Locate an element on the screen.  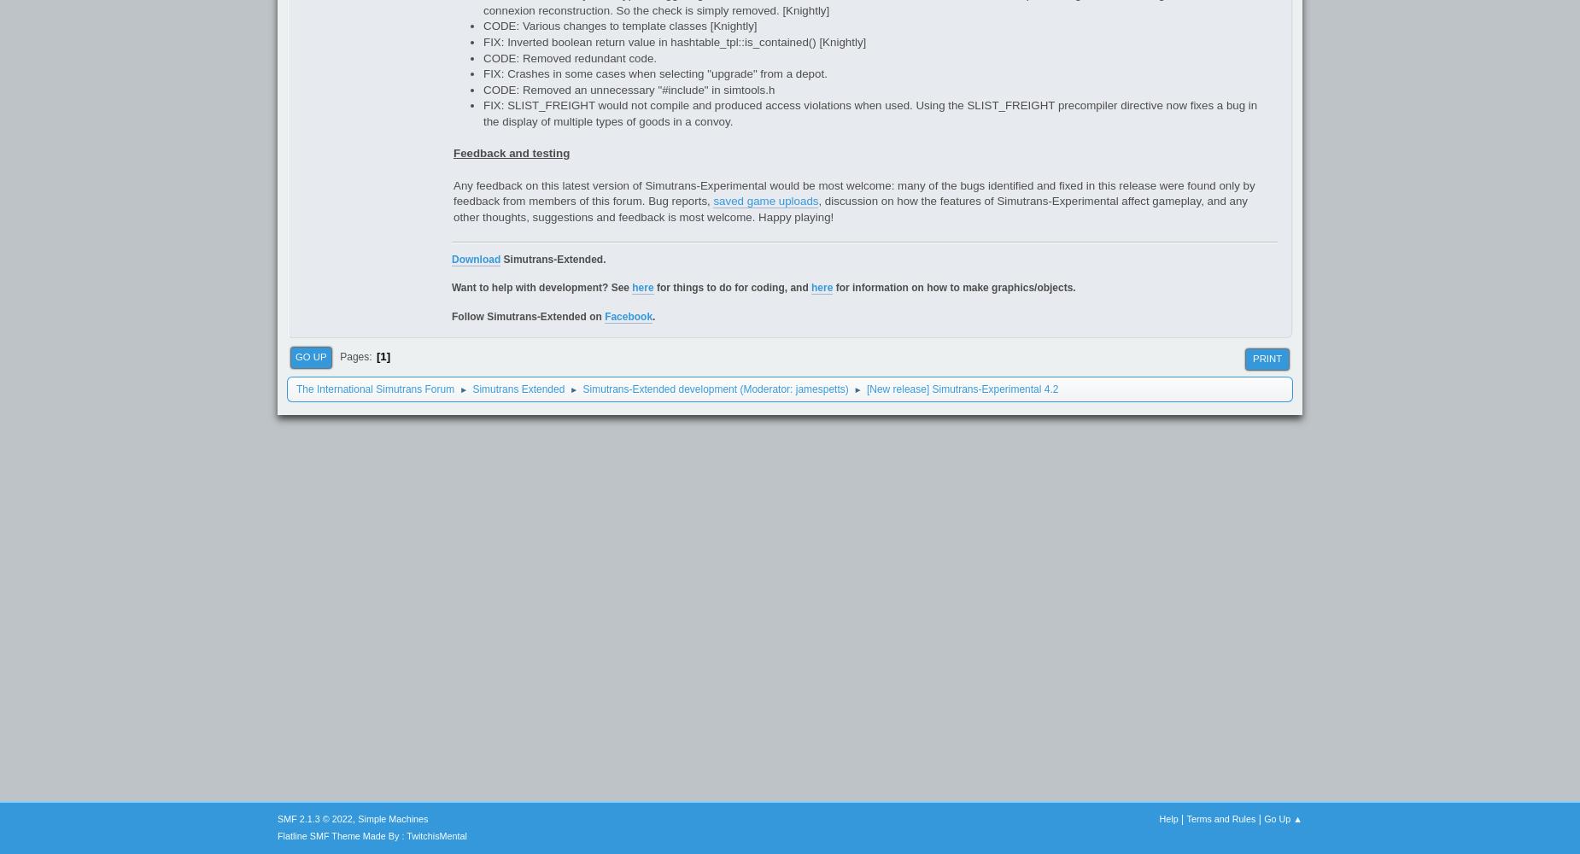
'1' is located at coordinates (382, 356).